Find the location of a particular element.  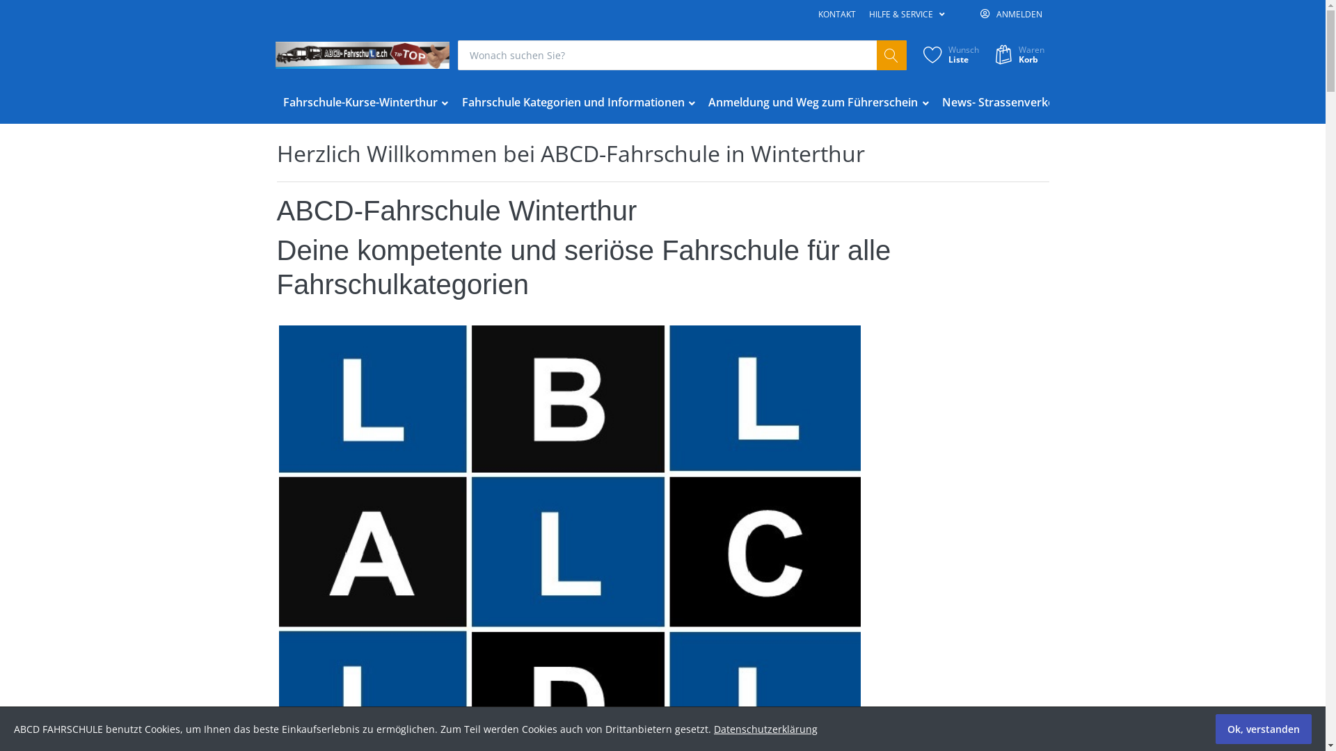

'HILFE & SERVICE' is located at coordinates (906, 14).